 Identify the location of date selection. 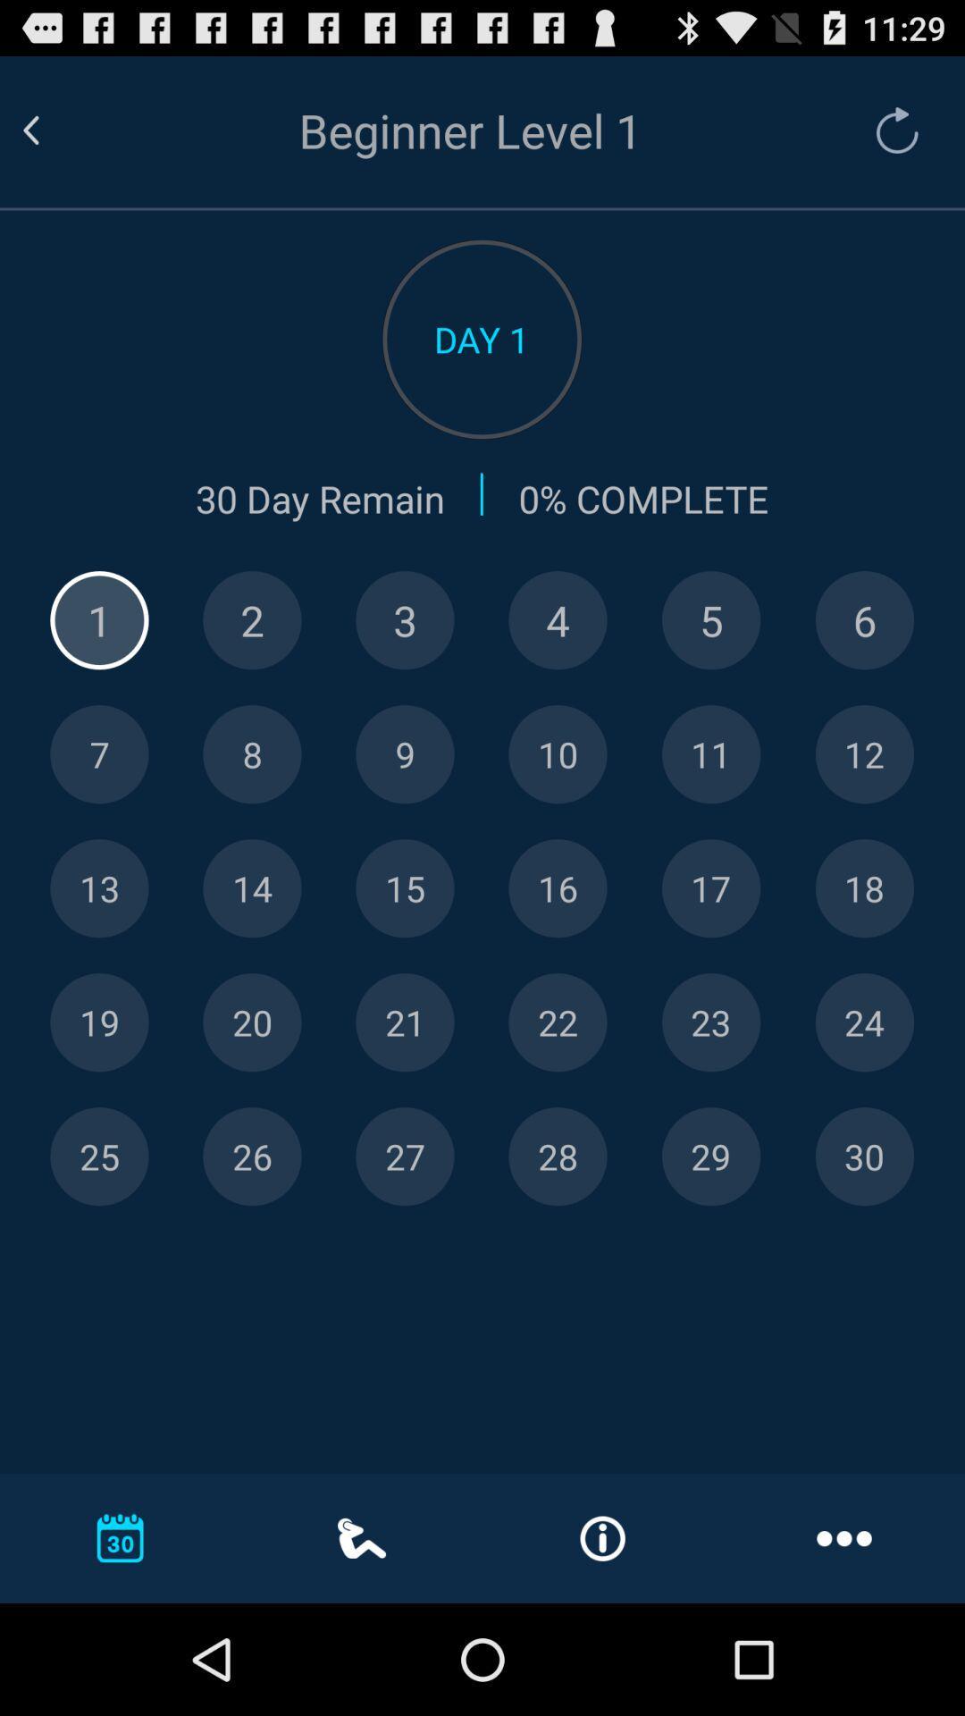
(405, 888).